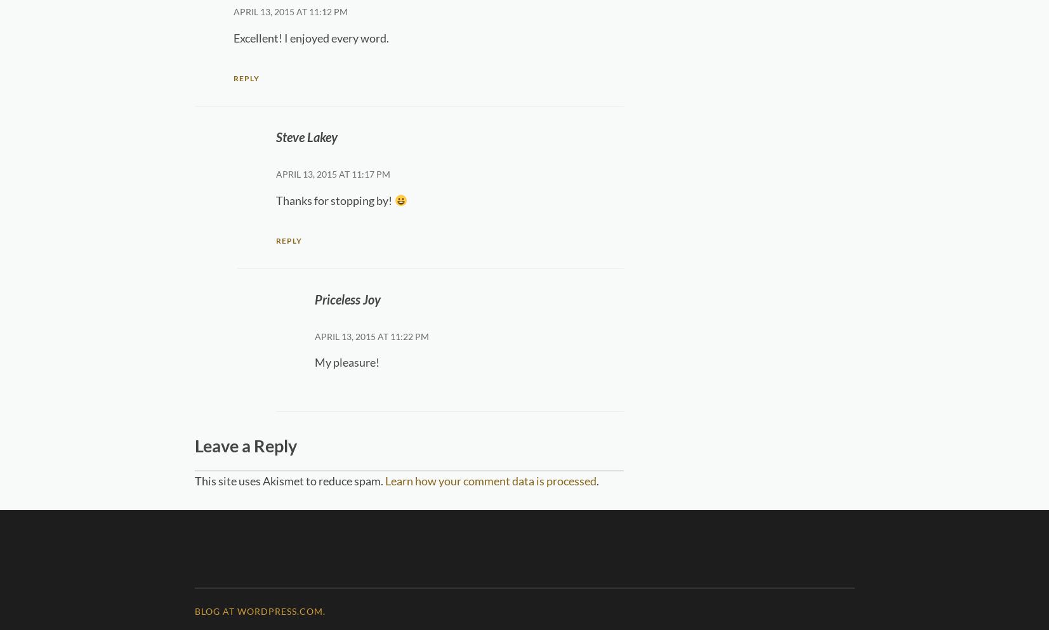 This screenshot has width=1049, height=630. Describe the element at coordinates (489, 480) in the screenshot. I see `'Learn how your comment data is processed'` at that location.